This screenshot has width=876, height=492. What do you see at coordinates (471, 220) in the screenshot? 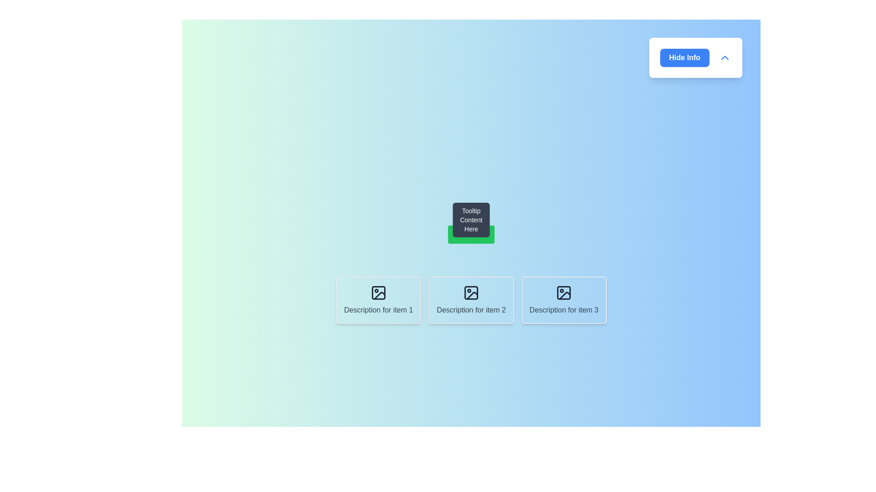
I see `the tooltip that appears above the green button labeled 'Hover me' when hovered over` at bounding box center [471, 220].